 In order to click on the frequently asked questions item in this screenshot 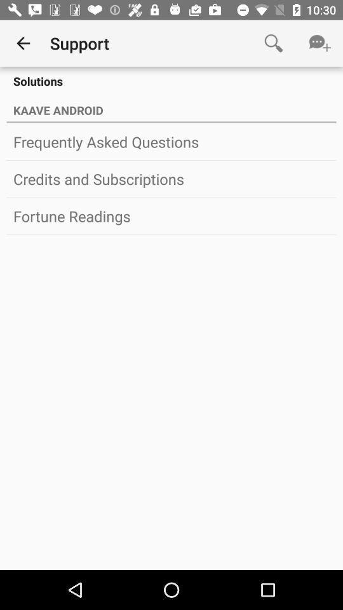, I will do `click(171, 142)`.